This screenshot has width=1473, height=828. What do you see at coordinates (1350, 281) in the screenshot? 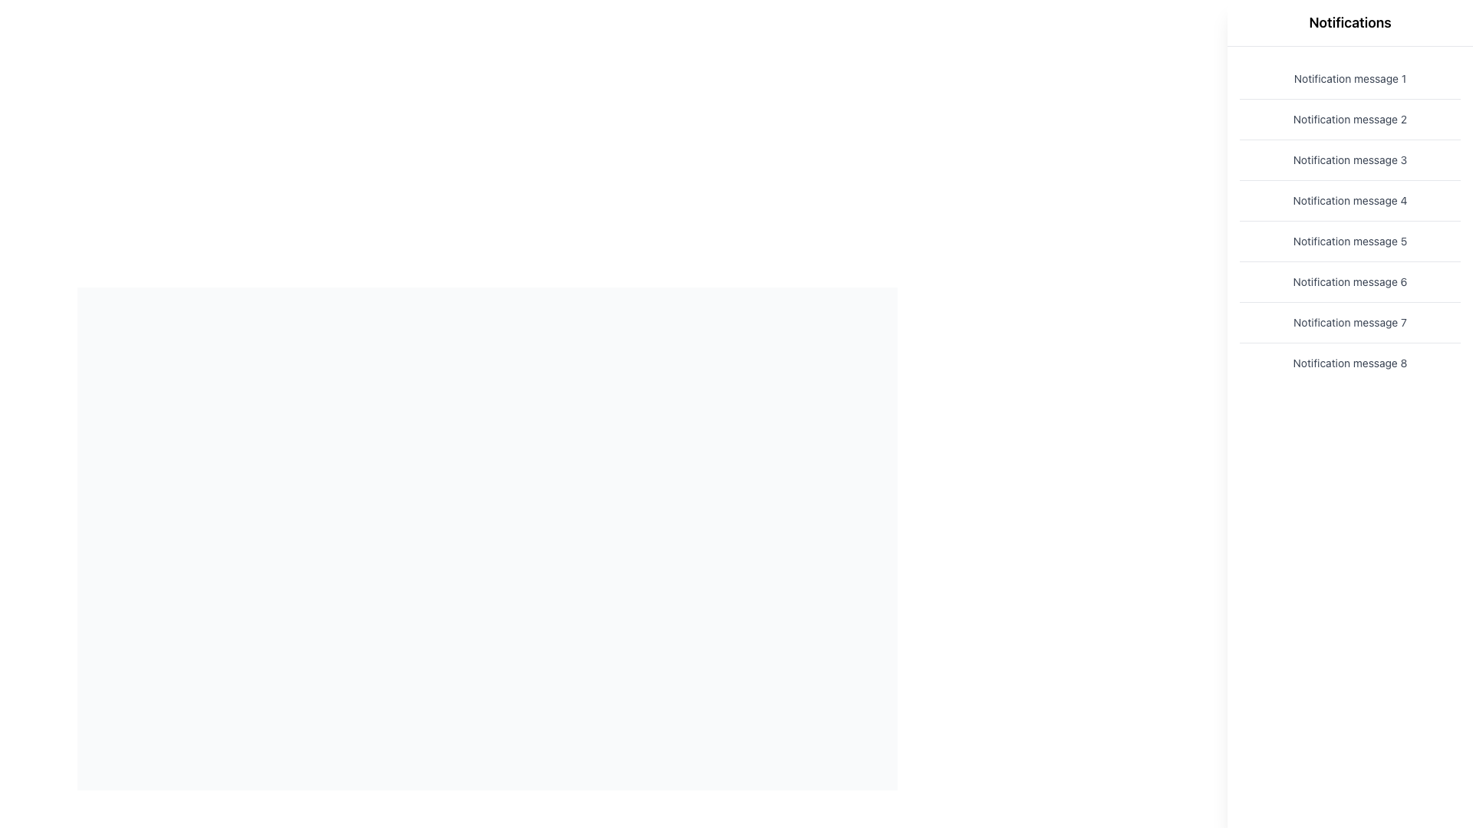
I see `the sixth notification message in the scrolling list located on the far right of the interface` at bounding box center [1350, 281].